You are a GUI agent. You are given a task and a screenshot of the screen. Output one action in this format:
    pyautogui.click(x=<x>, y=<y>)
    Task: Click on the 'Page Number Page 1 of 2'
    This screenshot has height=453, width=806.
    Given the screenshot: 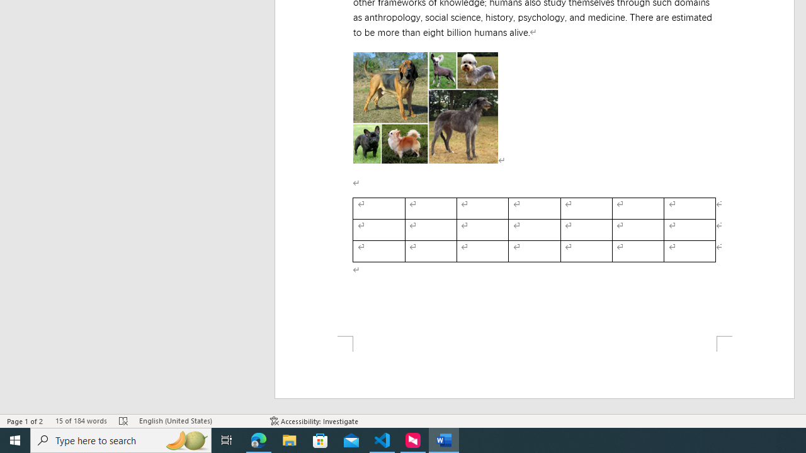 What is the action you would take?
    pyautogui.click(x=25, y=421)
    